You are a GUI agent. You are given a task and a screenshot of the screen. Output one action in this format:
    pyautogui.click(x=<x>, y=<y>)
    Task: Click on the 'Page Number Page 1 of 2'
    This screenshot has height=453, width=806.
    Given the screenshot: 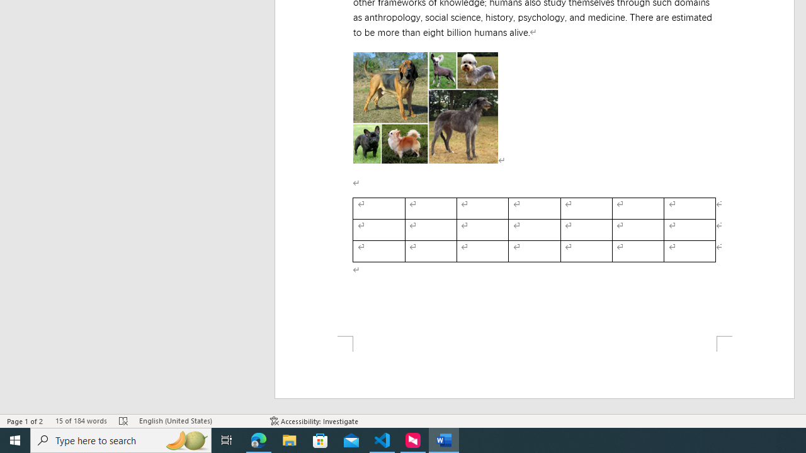 What is the action you would take?
    pyautogui.click(x=25, y=421)
    